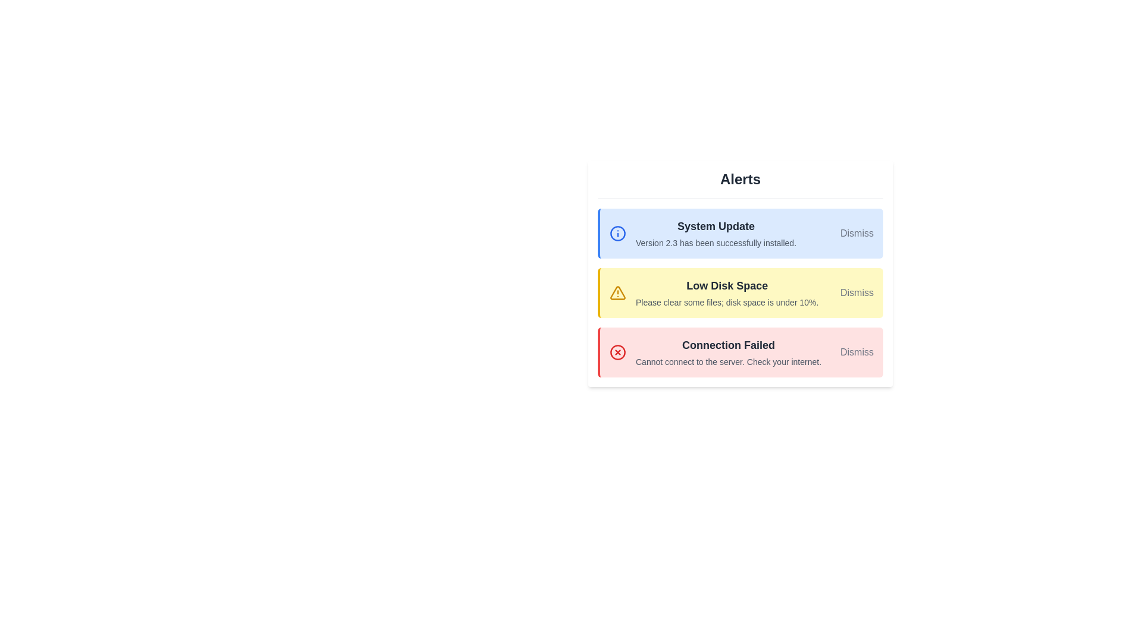  I want to click on text content of the header indicating an error state about a failed connection attempt, located at the top of the third alert section of notifications, so click(727, 345).